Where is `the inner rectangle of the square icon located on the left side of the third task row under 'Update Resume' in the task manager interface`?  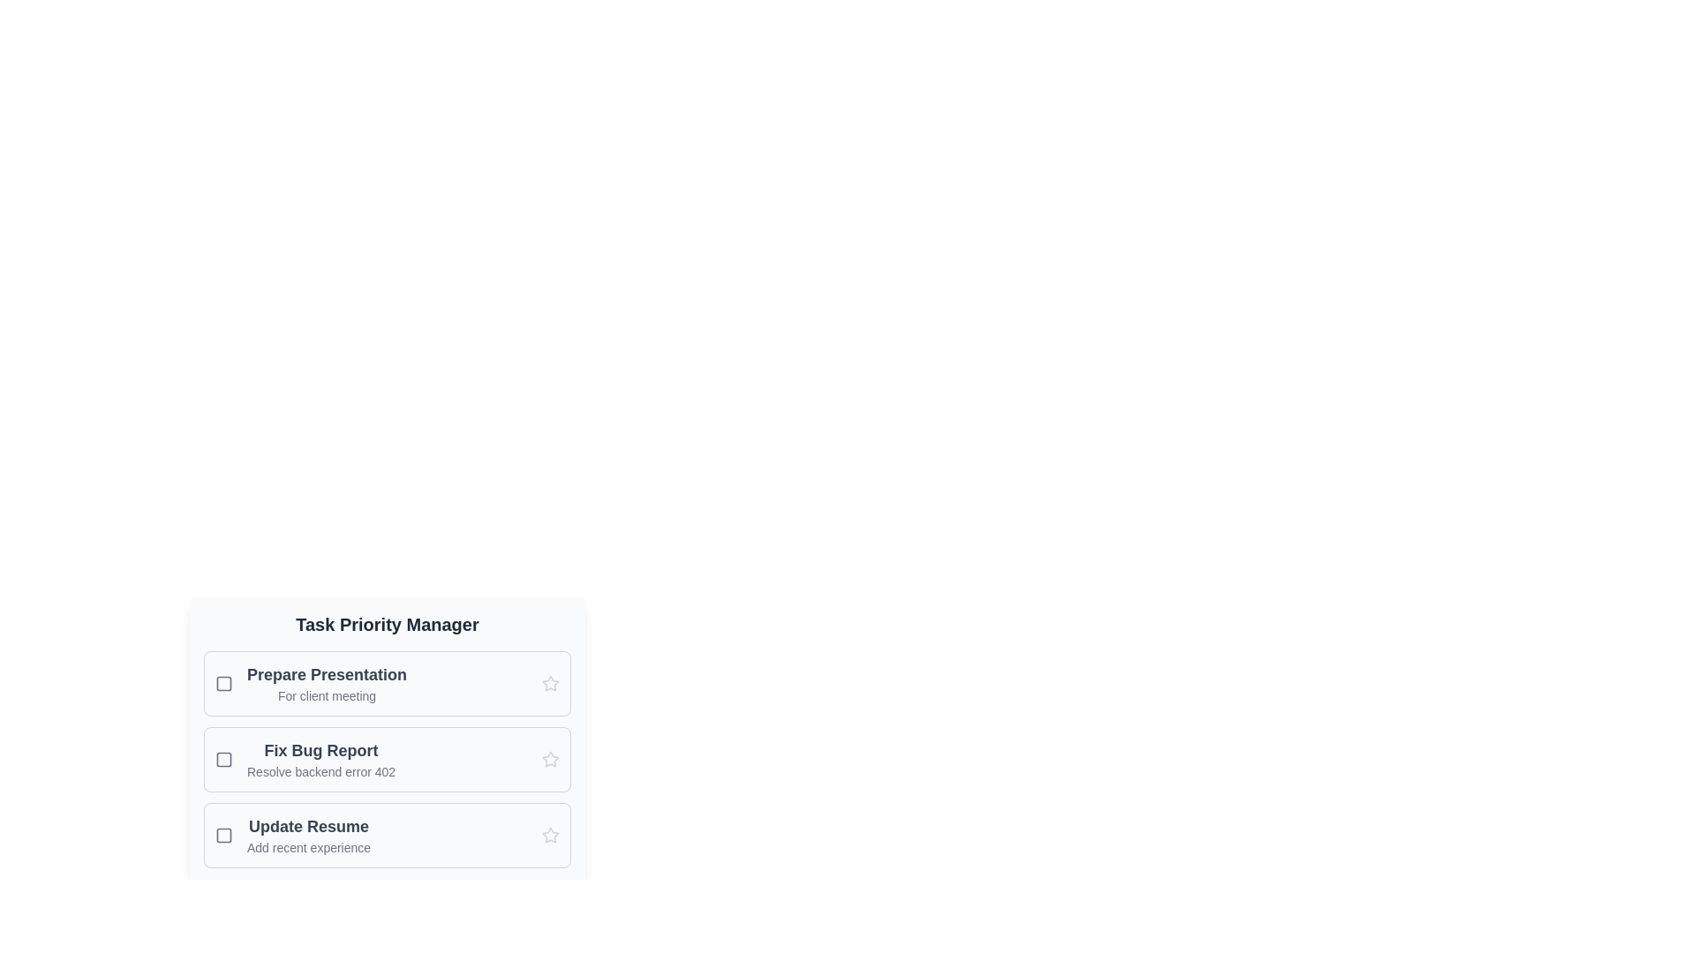 the inner rectangle of the square icon located on the left side of the third task row under 'Update Resume' in the task manager interface is located at coordinates (223, 835).